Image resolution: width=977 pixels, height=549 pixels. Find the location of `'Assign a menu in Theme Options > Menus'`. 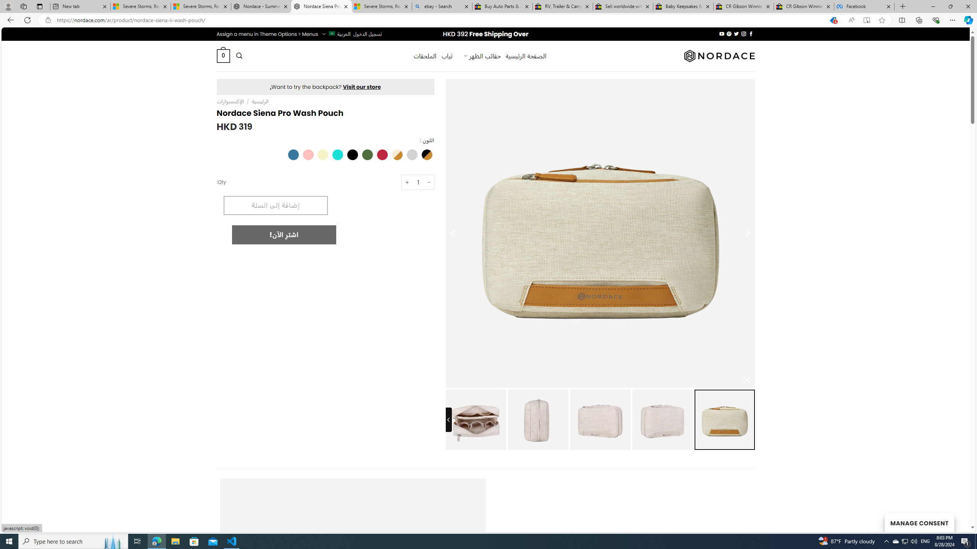

'Assign a menu in Theme Options > Menus' is located at coordinates (267, 34).